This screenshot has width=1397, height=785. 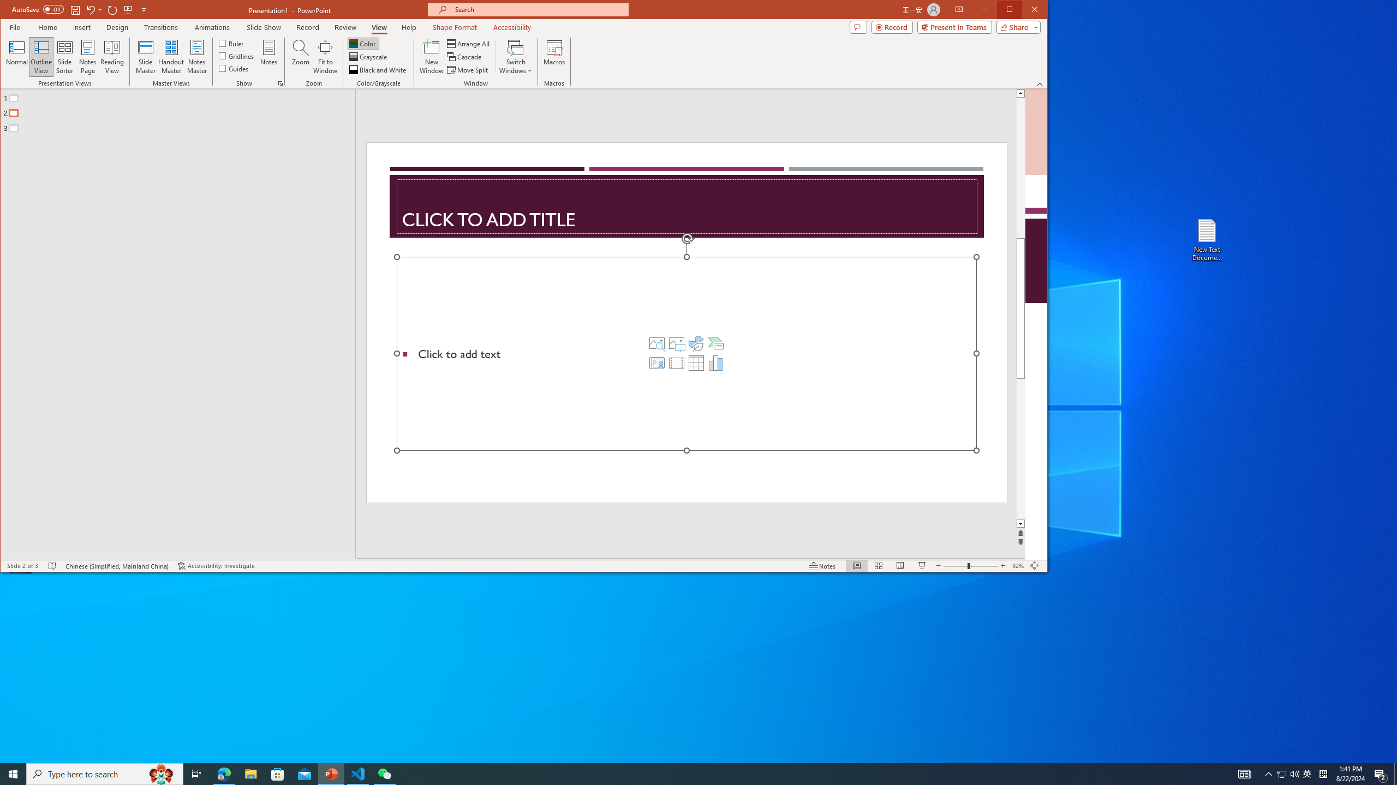 What do you see at coordinates (145, 56) in the screenshot?
I see `'Slide Master'` at bounding box center [145, 56].